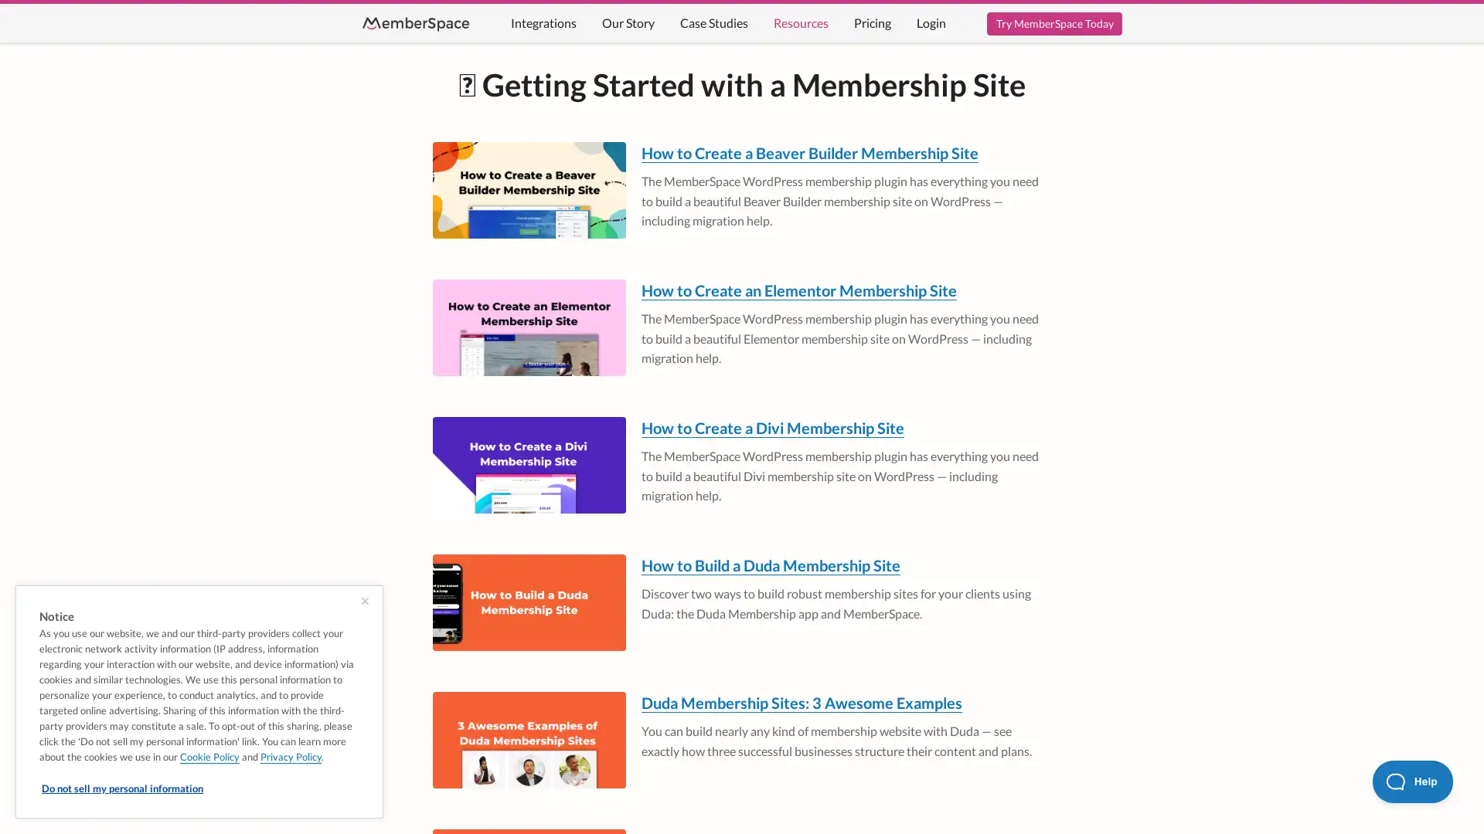 The height and width of the screenshot is (834, 1484). Describe the element at coordinates (364, 601) in the screenshot. I see `consent-close-icon` at that location.